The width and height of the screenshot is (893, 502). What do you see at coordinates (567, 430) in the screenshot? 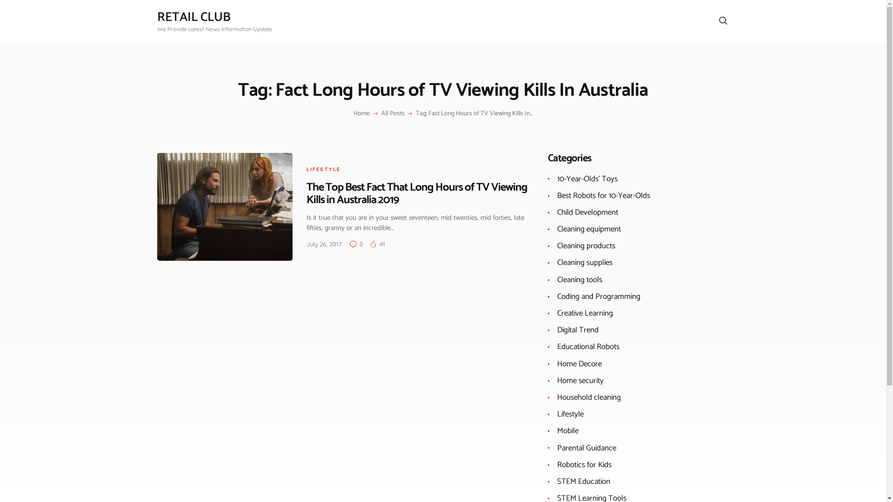
I see `'Mobile'` at bounding box center [567, 430].